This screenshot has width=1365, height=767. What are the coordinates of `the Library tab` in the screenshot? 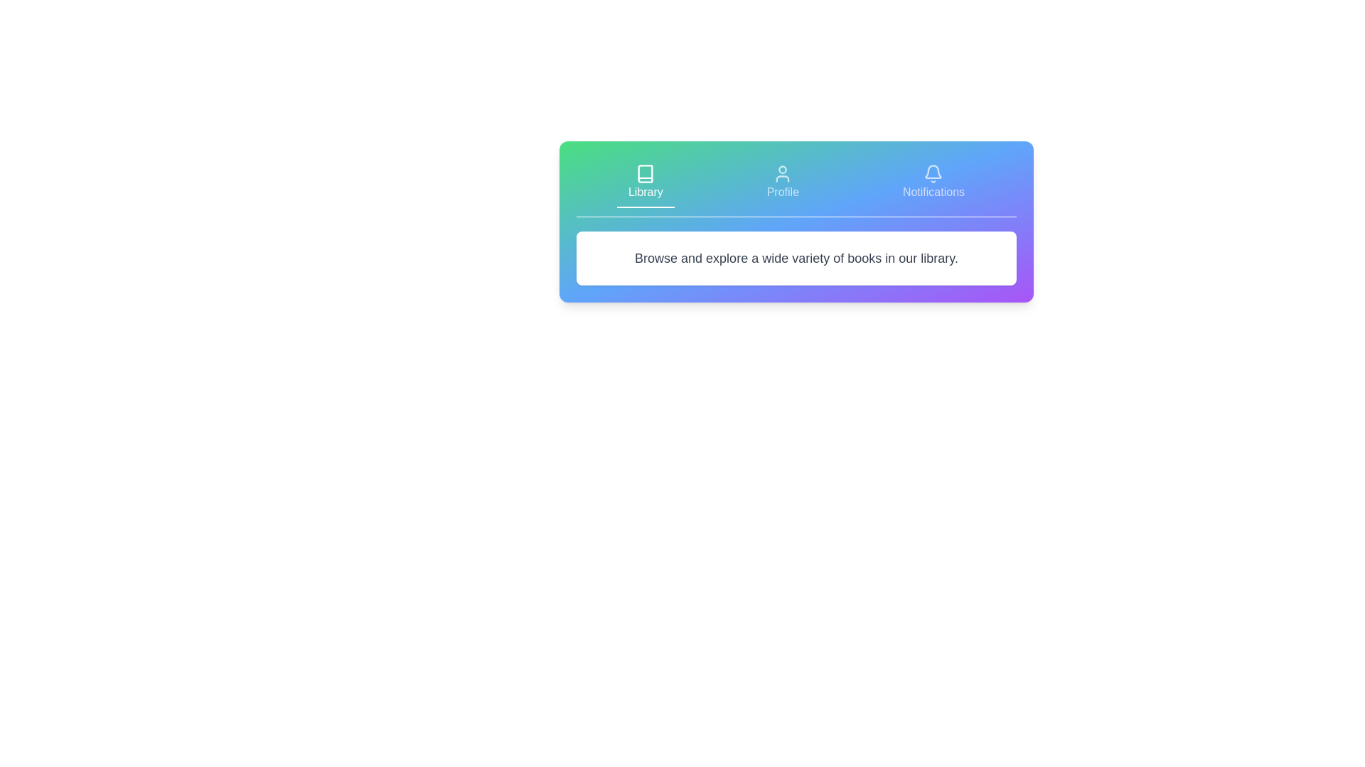 It's located at (645, 183).